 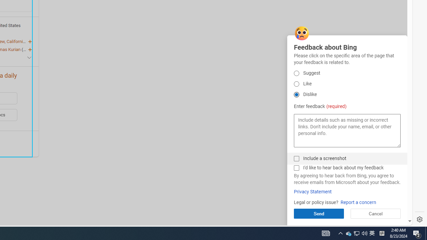 I want to click on 'I', so click(x=296, y=167).